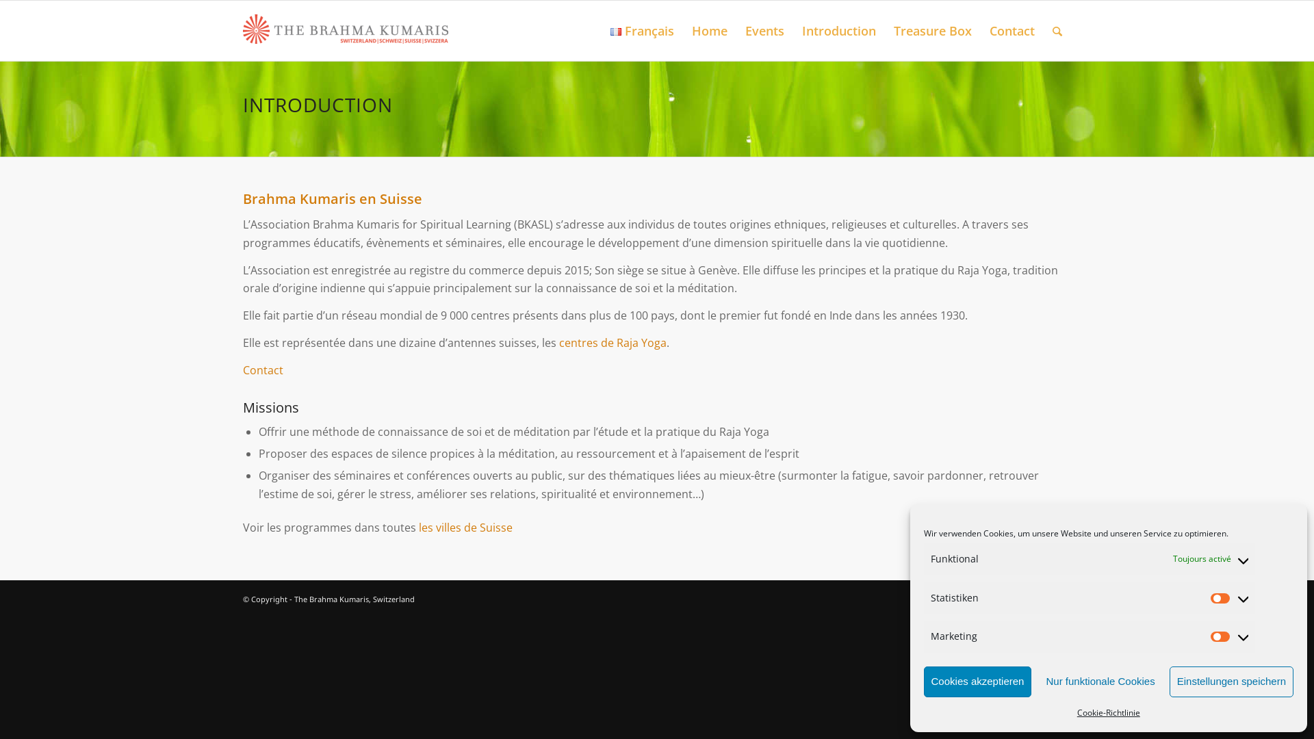 The width and height of the screenshot is (1314, 739). Describe the element at coordinates (612, 342) in the screenshot. I see `'centres de Raja Yoga'` at that location.